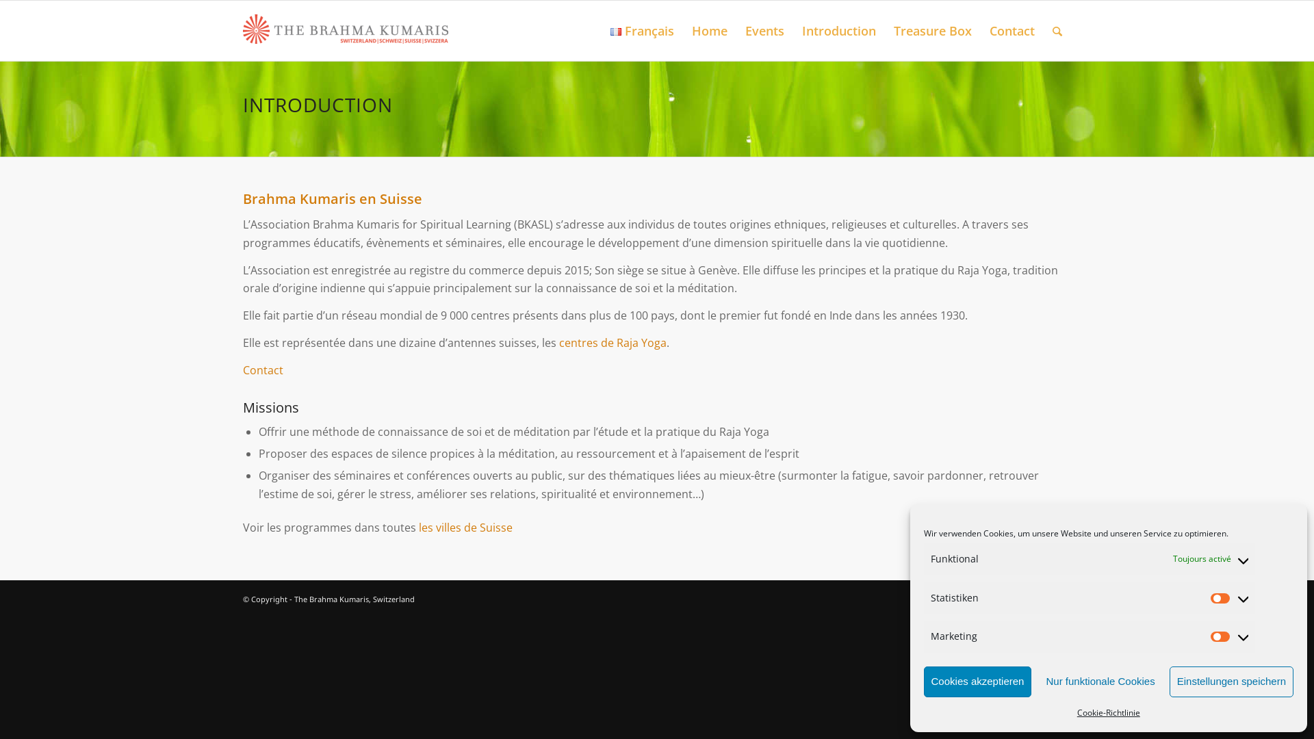 The width and height of the screenshot is (1314, 739). Describe the element at coordinates (612, 342) in the screenshot. I see `'centres de Raja Yoga'` at that location.